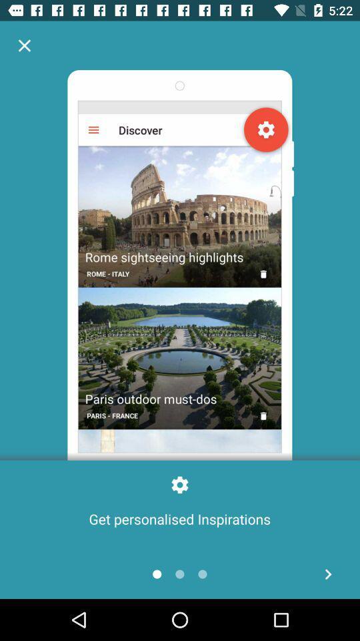 This screenshot has height=641, width=360. What do you see at coordinates (24, 45) in the screenshot?
I see `the icon at the top left corner` at bounding box center [24, 45].